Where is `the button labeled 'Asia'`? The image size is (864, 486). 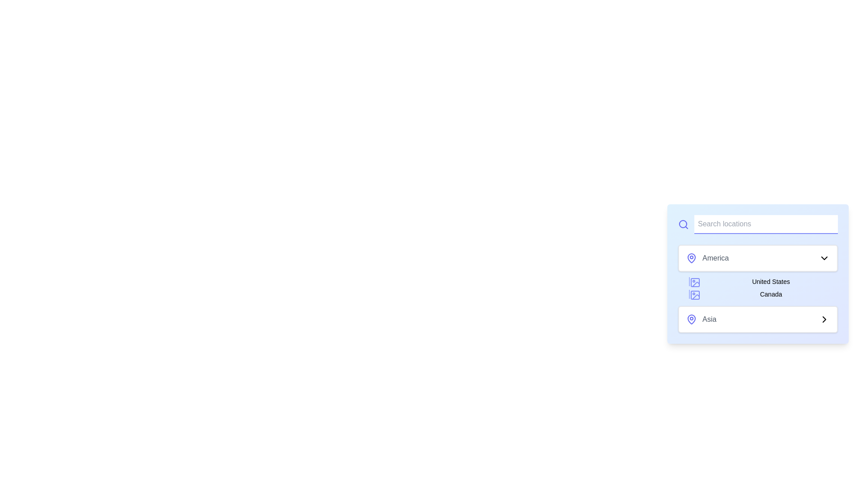 the button labeled 'Asia' is located at coordinates (757, 308).